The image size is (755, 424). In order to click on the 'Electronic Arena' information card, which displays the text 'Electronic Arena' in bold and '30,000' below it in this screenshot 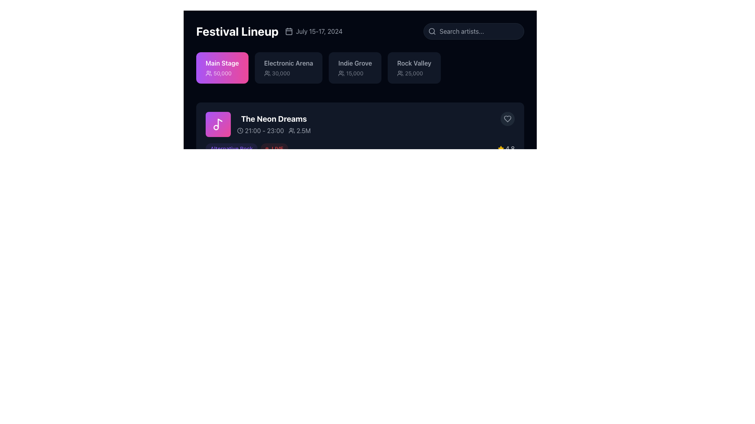, I will do `click(288, 68)`.